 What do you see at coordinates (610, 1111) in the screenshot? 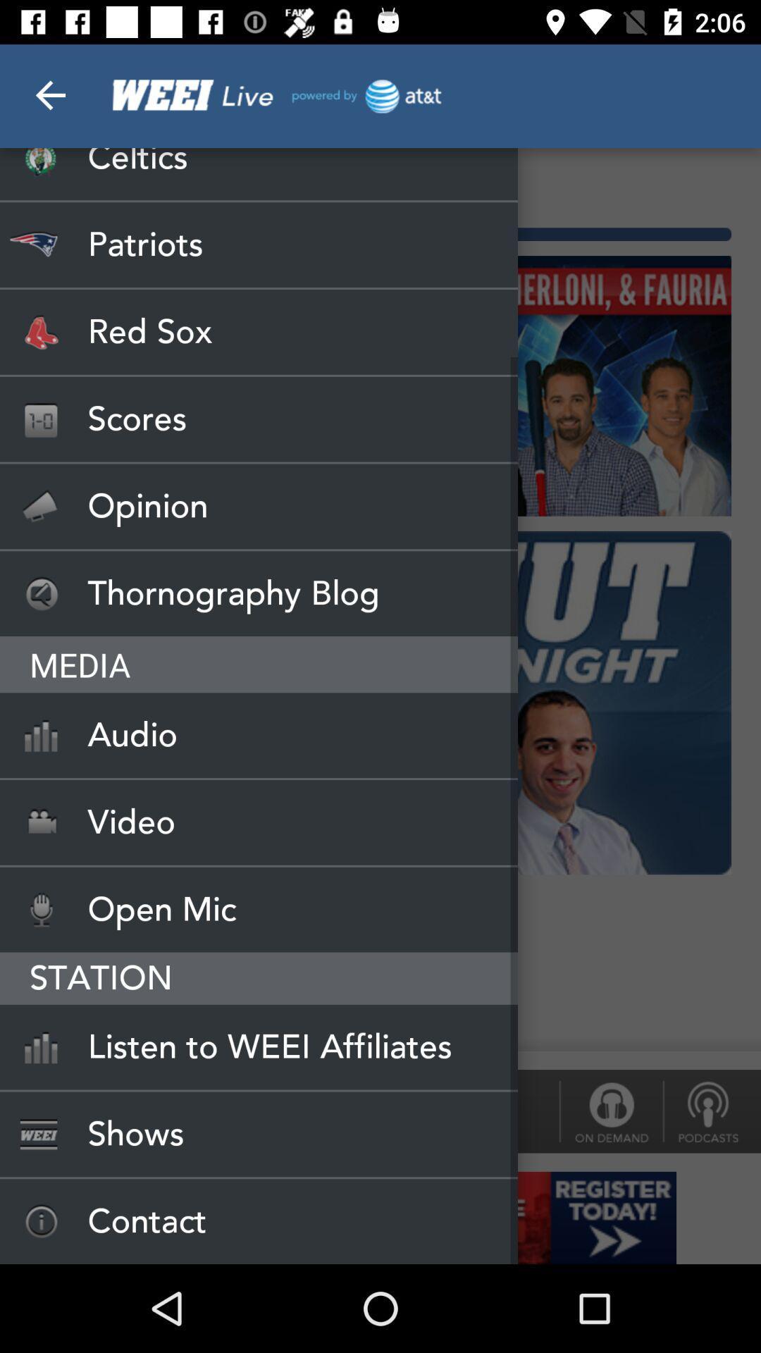
I see `the lock icon` at bounding box center [610, 1111].